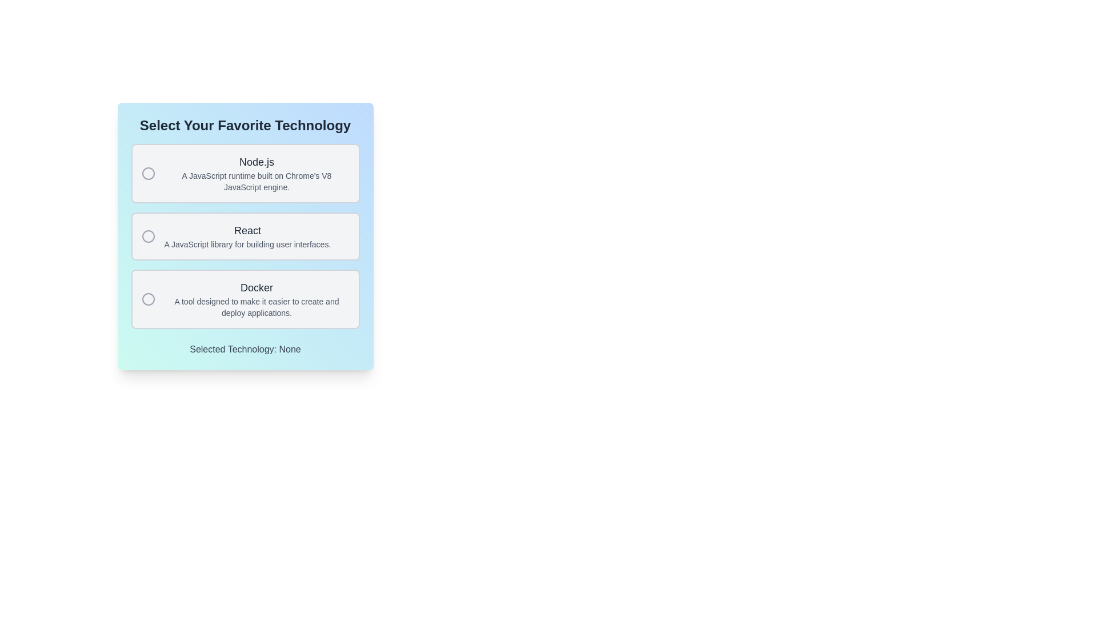 The width and height of the screenshot is (1097, 617). What do you see at coordinates (147, 174) in the screenshot?
I see `the Radio Button Indicator icon on the left side of the 'Node.js' option` at bounding box center [147, 174].